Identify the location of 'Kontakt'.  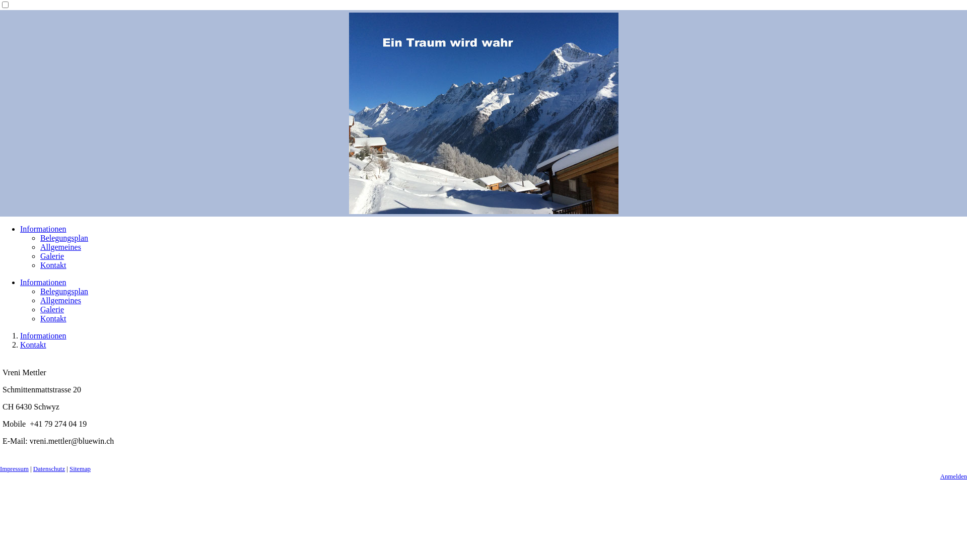
(33, 344).